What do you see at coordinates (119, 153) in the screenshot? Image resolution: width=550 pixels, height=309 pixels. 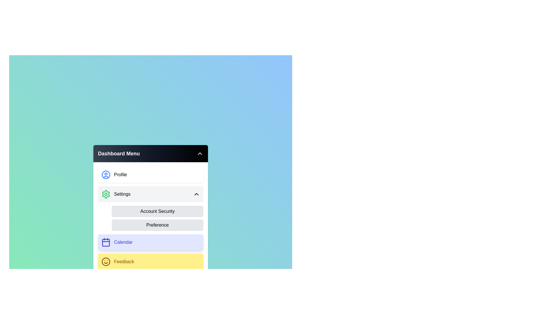 I see `the center-aligned text label reading 'Dashboard Menu' with bold styling, located in the top-left portion of the interactive header bar` at bounding box center [119, 153].